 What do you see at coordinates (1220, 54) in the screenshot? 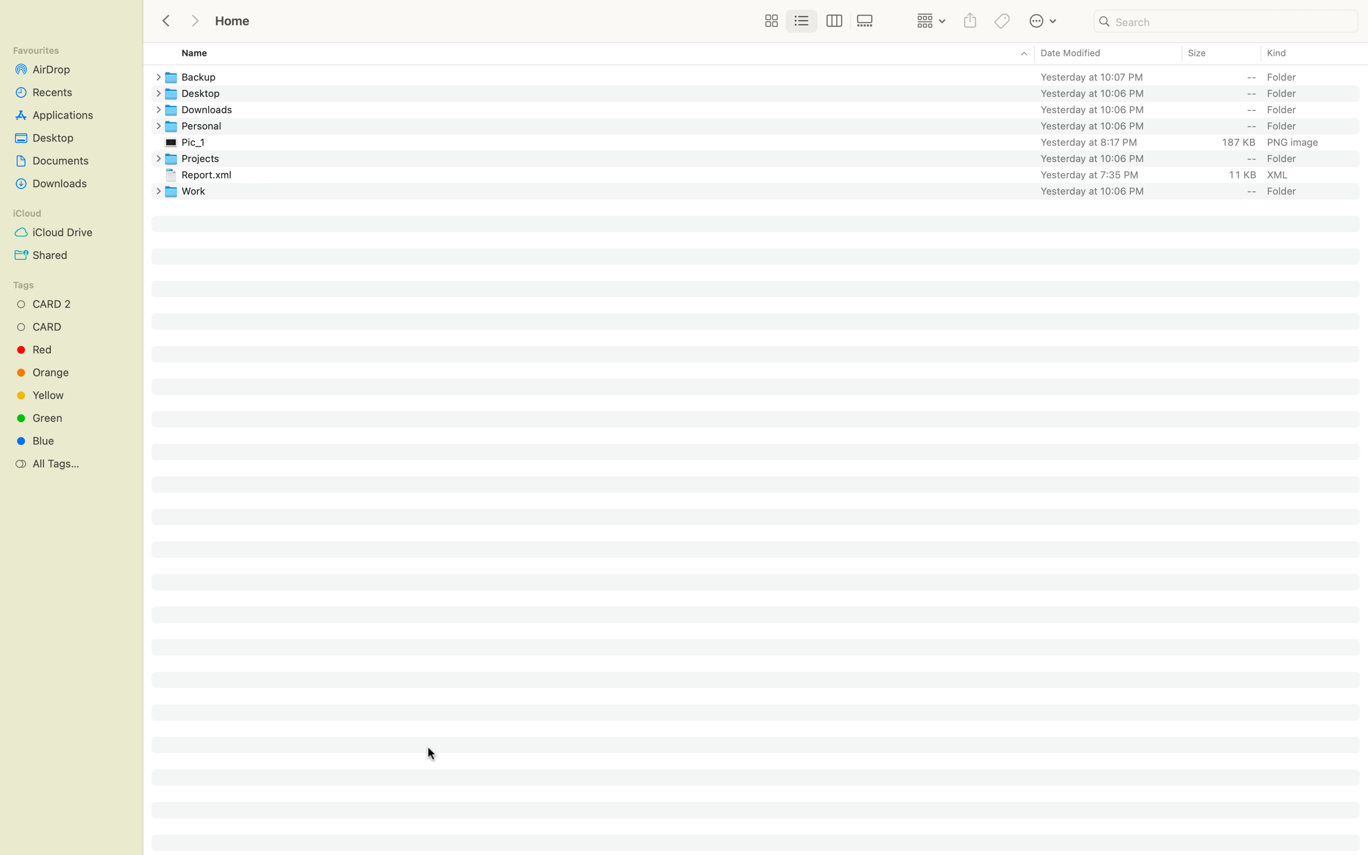
I see `Rearrange the files by their size starting from the smallest one` at bounding box center [1220, 54].